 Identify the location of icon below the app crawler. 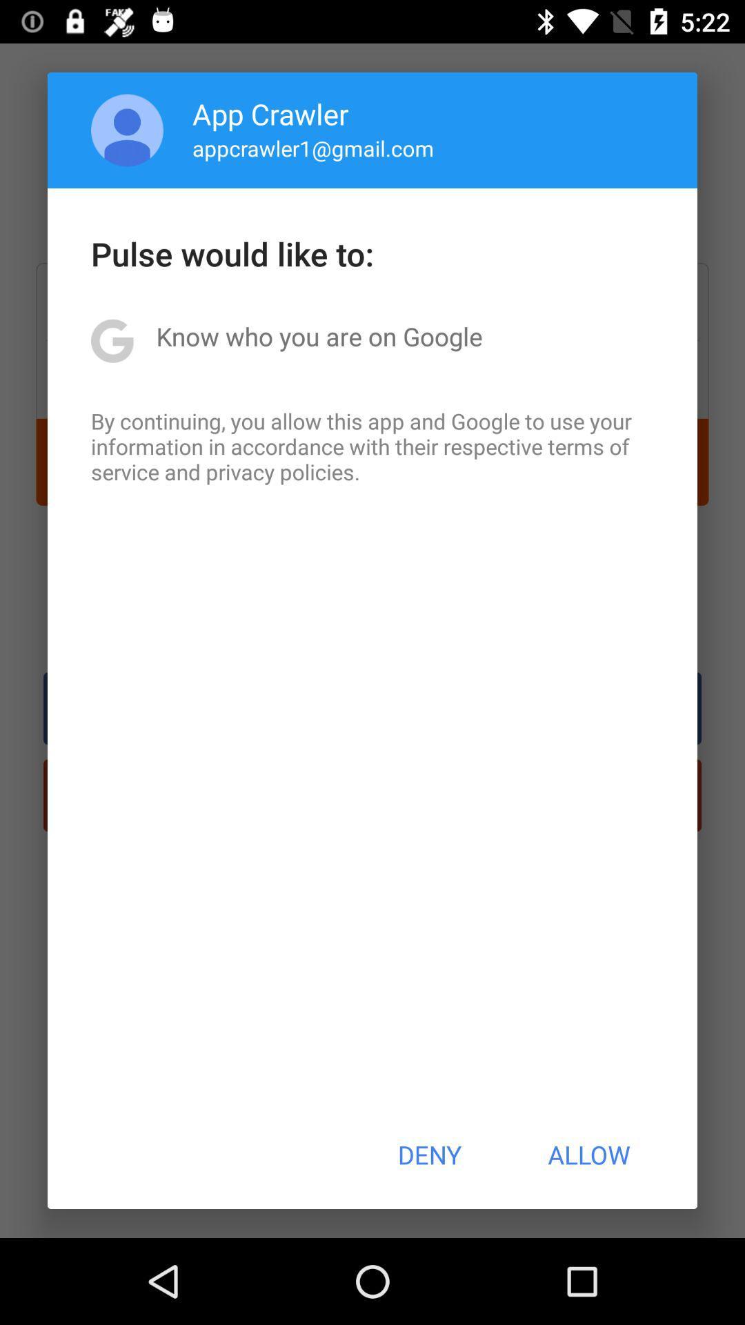
(313, 148).